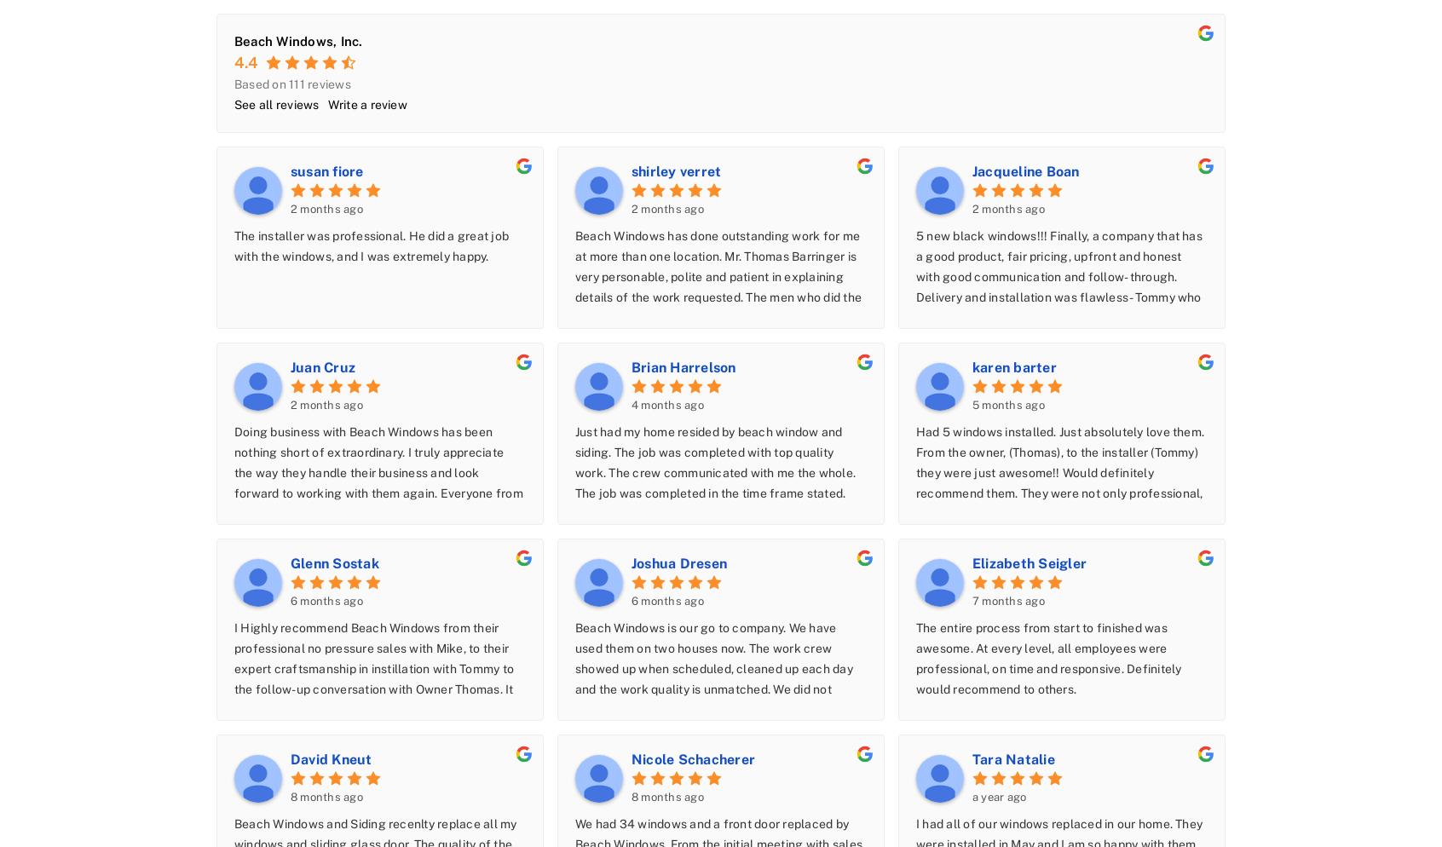 This screenshot has width=1442, height=847. Describe the element at coordinates (630, 366) in the screenshot. I see `'Brian Harrelson'` at that location.